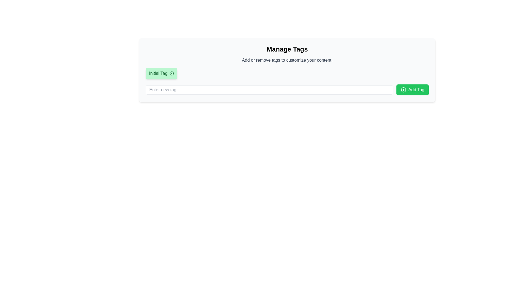 This screenshot has width=526, height=296. I want to click on the green button labeled 'Add Tag' that contains a circular icon with a white plus symbol on its left side, so click(403, 89).